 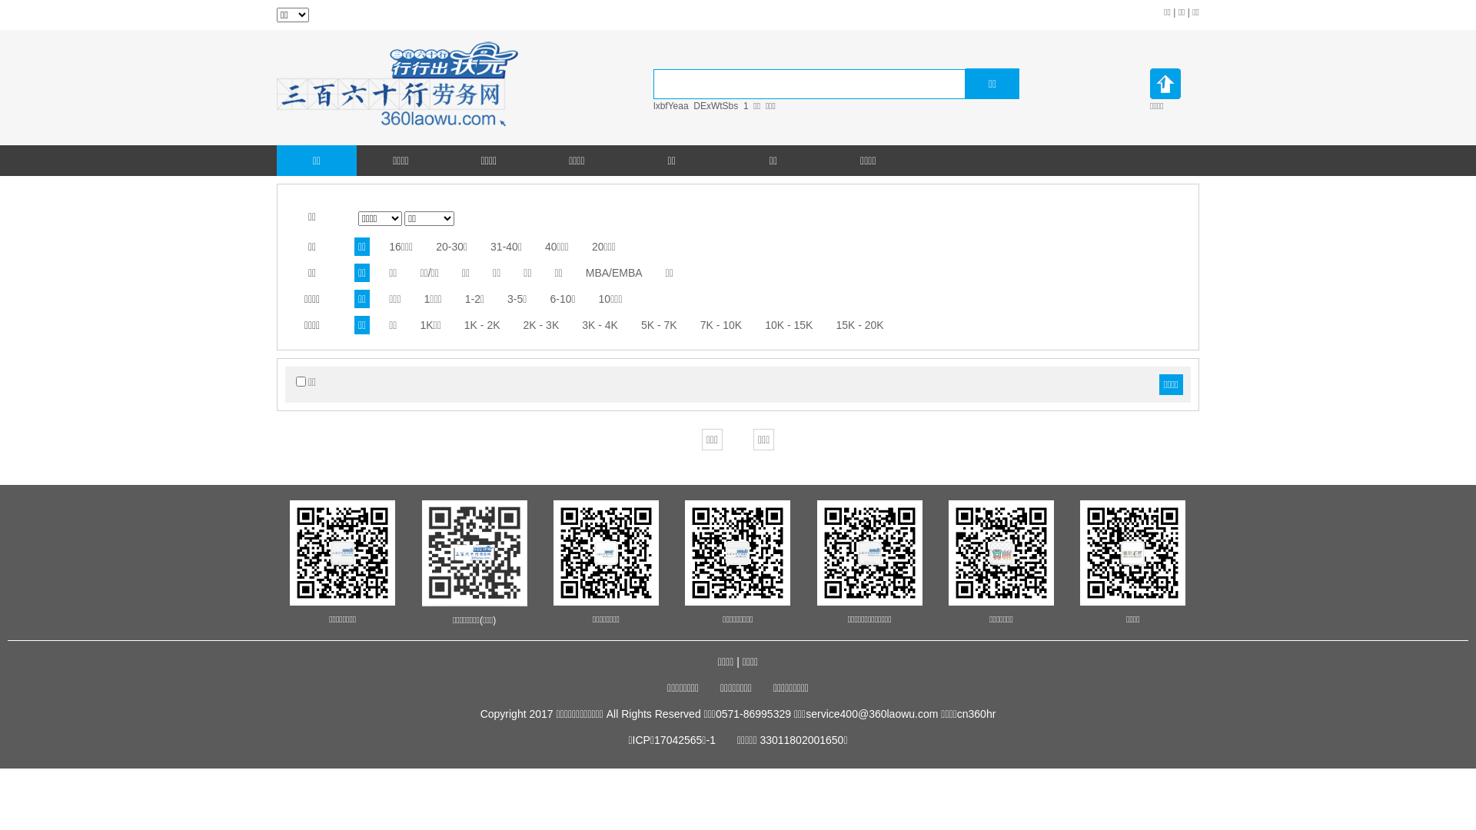 What do you see at coordinates (585, 271) in the screenshot?
I see `'MBA/EMBA'` at bounding box center [585, 271].